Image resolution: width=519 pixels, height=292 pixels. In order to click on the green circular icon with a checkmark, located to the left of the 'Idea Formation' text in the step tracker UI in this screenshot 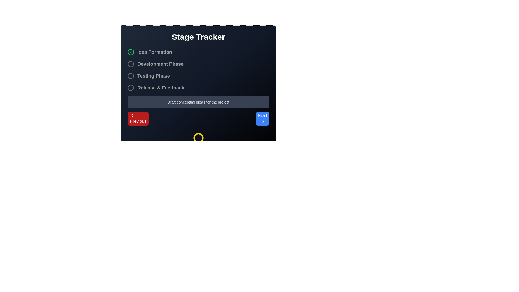, I will do `click(131, 52)`.